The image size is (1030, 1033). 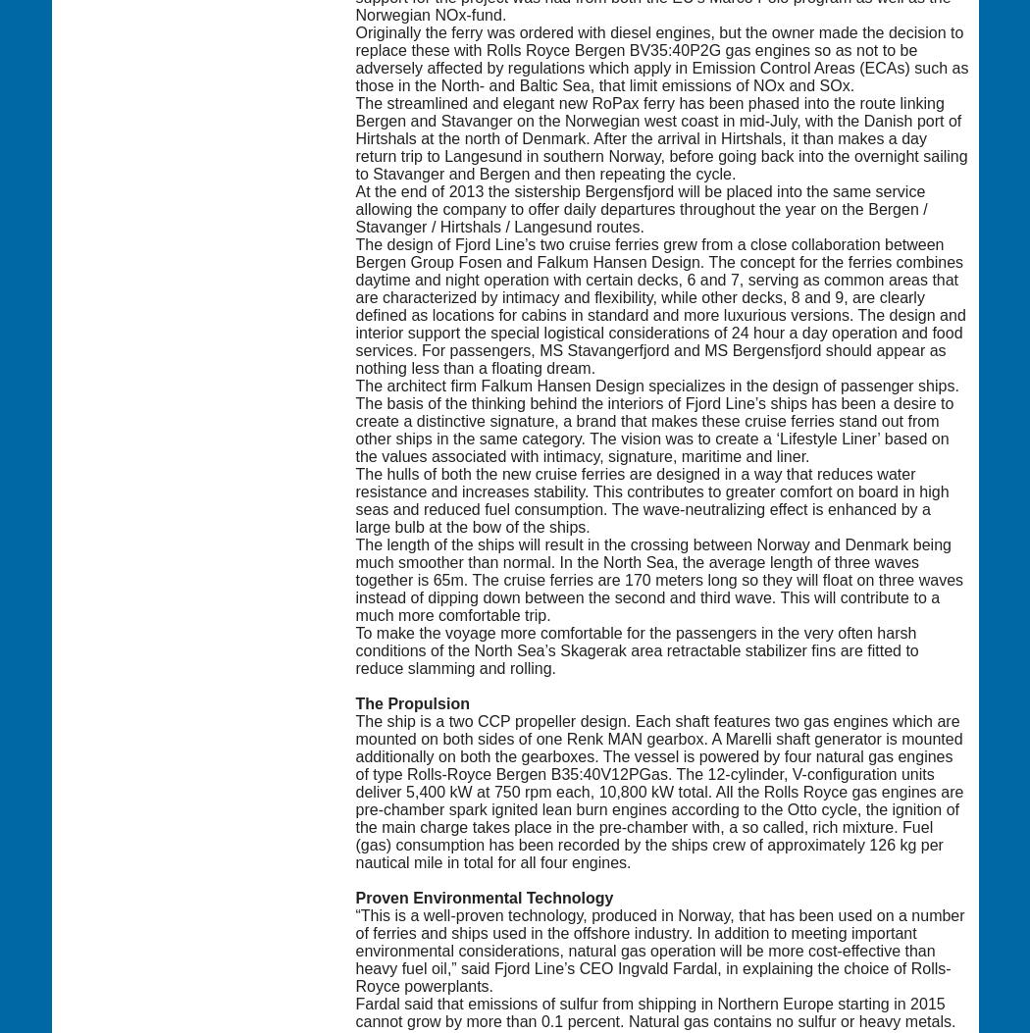 What do you see at coordinates (655, 420) in the screenshot?
I see `'The architect firm Falkum Hansen Design specializes in the design of passenger ships. The basis of the thinking behind the interiors of Fjord Line’s ships has been a desire to create a distinctive signature, a brand that makes these cruise ferries stand out from other ships in the same category. The vision was to create a ‘Lifestyle Liner’ based on the values associated with intimacy, signature, maritime and liner.'` at bounding box center [655, 420].